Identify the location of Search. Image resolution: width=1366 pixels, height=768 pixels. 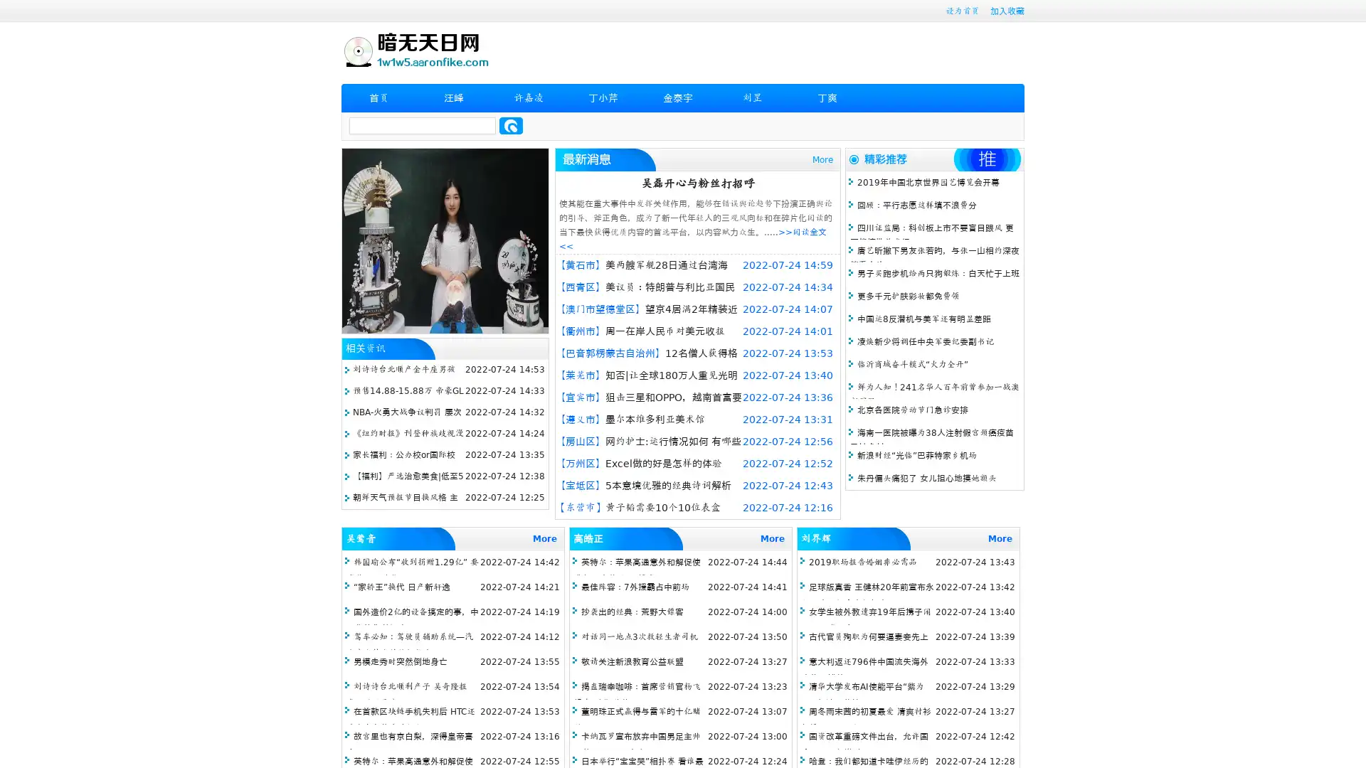
(511, 125).